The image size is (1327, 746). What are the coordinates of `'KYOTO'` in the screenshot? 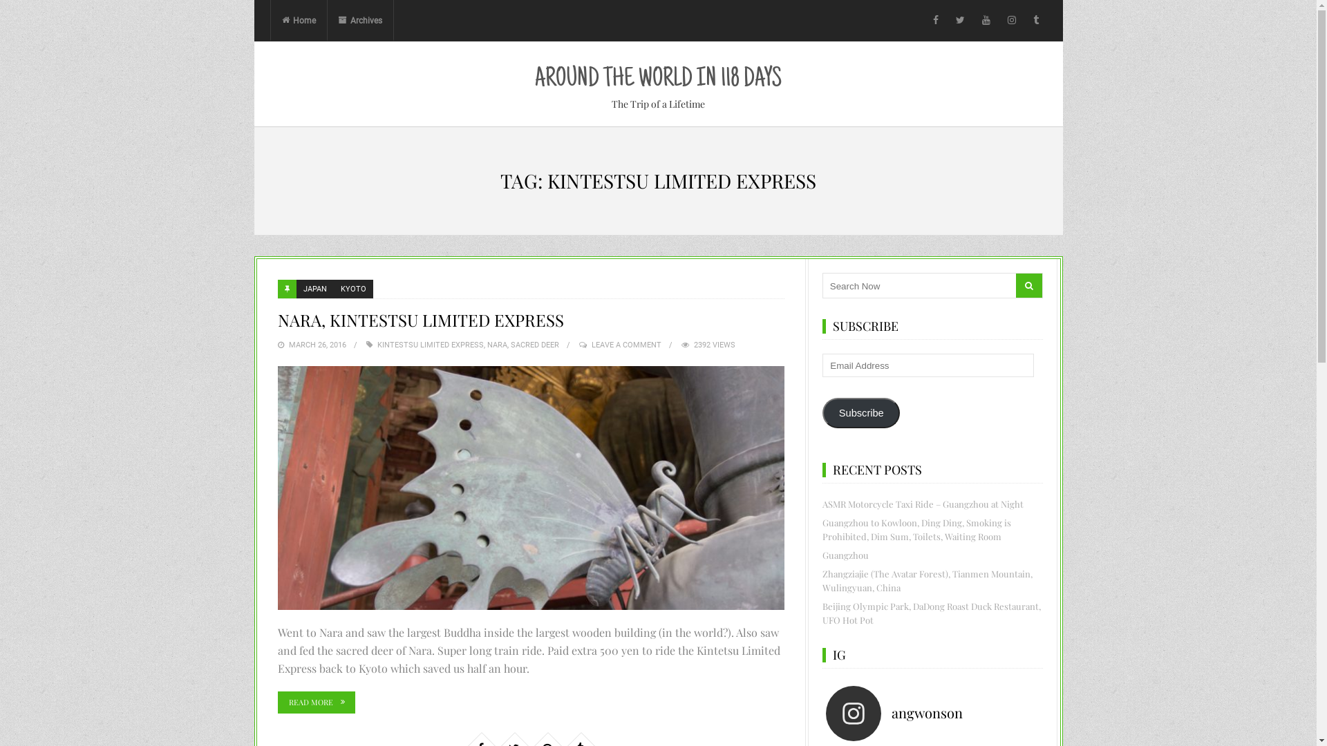 It's located at (332, 288).